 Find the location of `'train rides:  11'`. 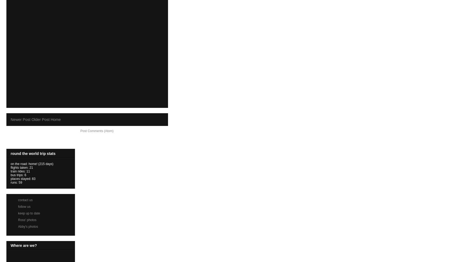

'train rides:  11' is located at coordinates (20, 171).